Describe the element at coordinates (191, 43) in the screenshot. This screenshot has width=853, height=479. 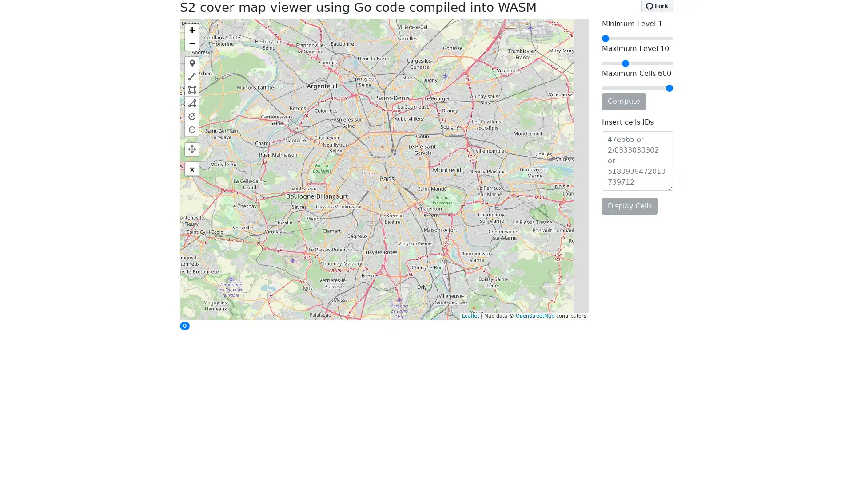
I see `Zoom out` at that location.